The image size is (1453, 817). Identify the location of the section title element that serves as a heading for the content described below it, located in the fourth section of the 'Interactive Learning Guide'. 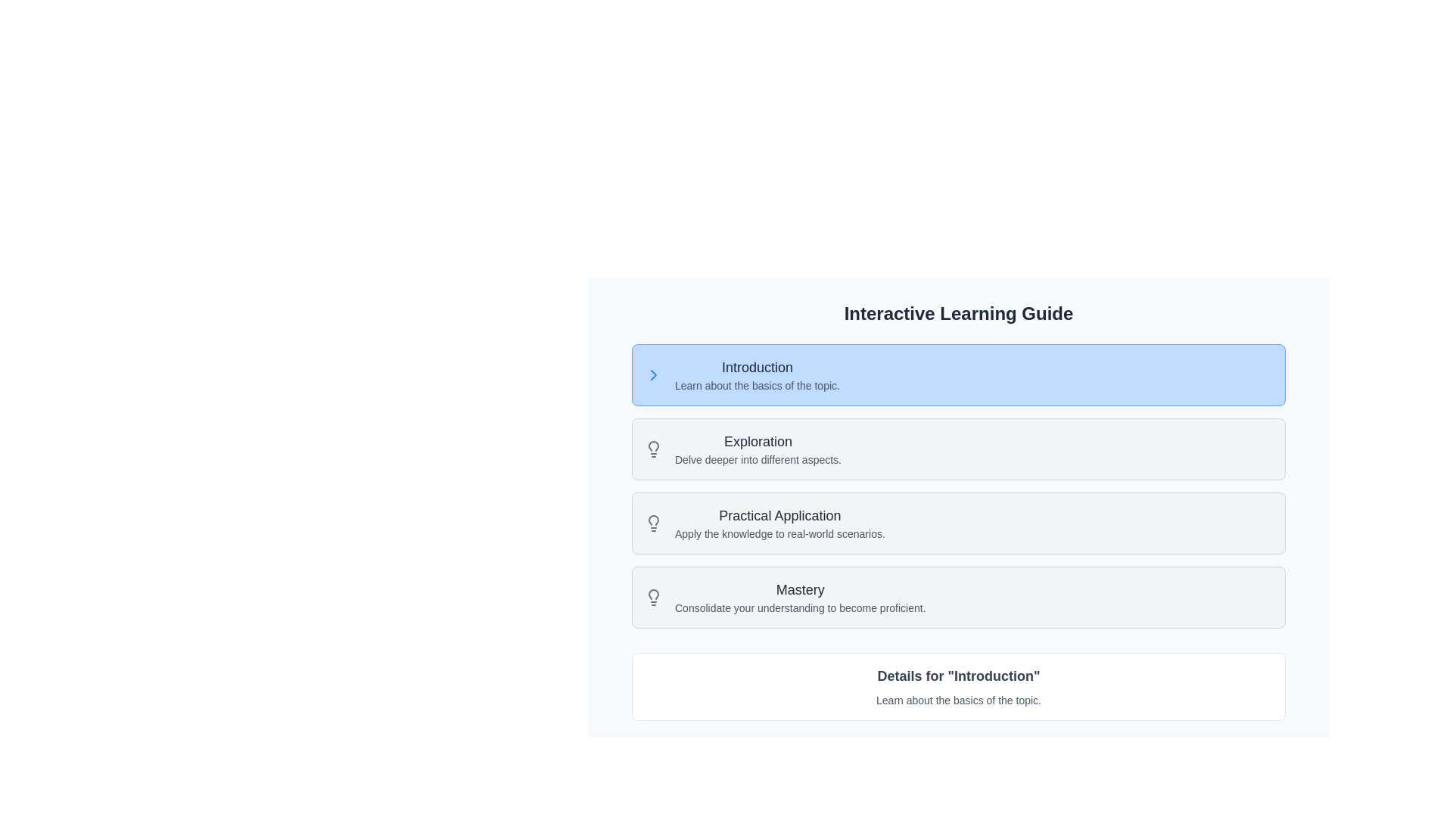
(799, 589).